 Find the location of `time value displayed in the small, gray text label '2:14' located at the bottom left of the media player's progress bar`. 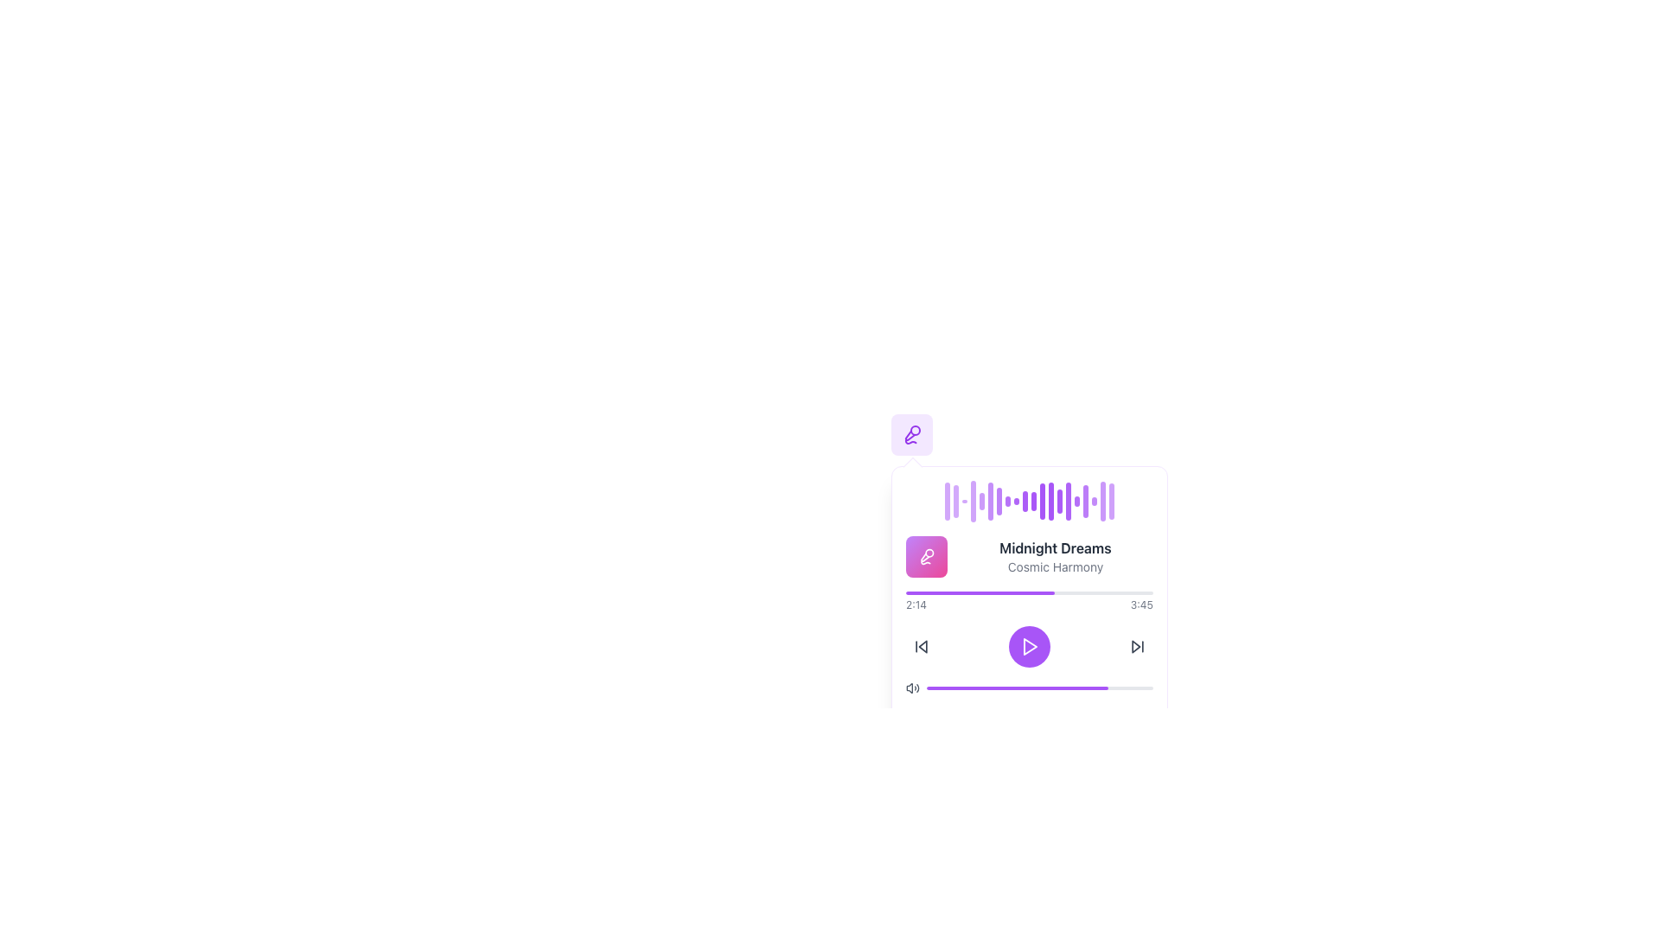

time value displayed in the small, gray text label '2:14' located at the bottom left of the media player's progress bar is located at coordinates (916, 604).